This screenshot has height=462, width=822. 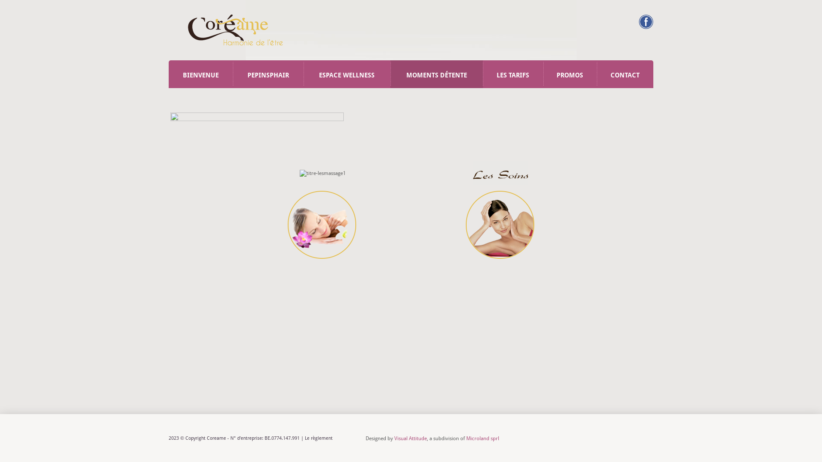 I want to click on 'BIENVENUE', so click(x=168, y=74).